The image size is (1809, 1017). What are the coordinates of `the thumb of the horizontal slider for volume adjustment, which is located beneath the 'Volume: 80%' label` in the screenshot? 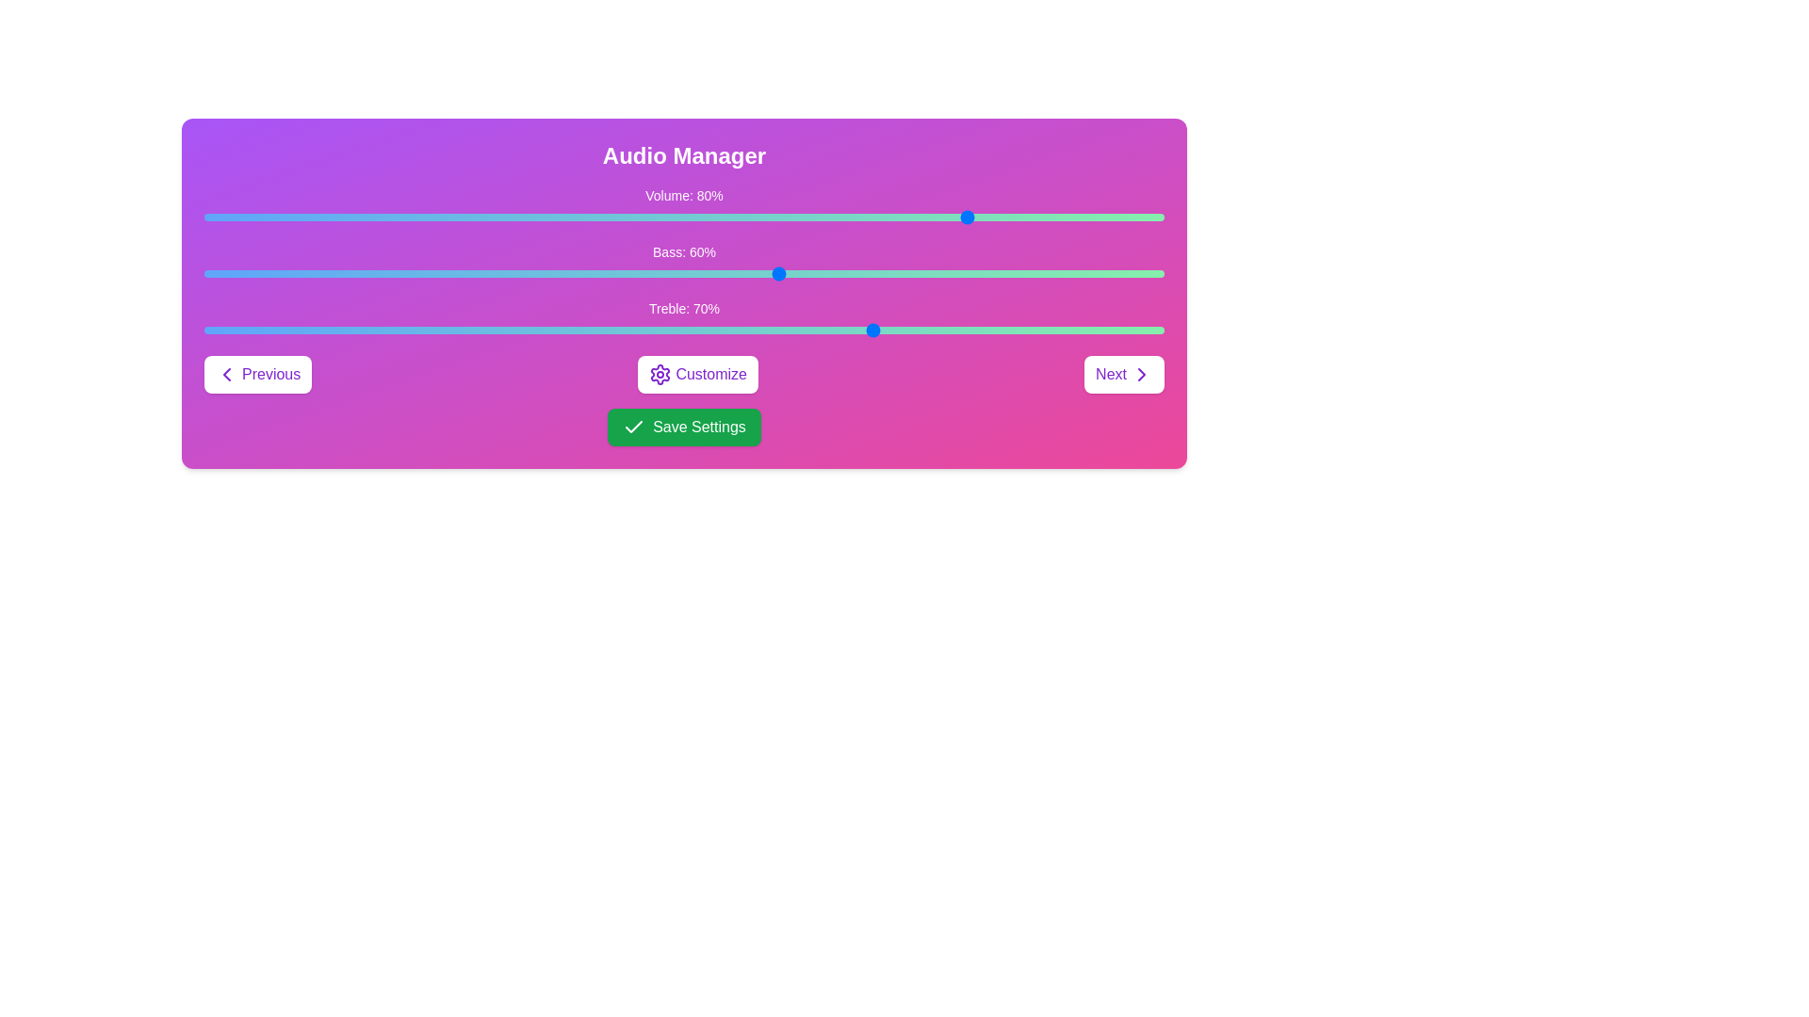 It's located at (683, 217).